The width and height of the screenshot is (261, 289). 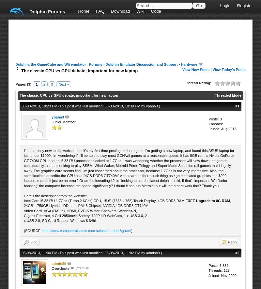 What do you see at coordinates (208, 128) in the screenshot?
I see `'Joined: Aug 2013'` at bounding box center [208, 128].